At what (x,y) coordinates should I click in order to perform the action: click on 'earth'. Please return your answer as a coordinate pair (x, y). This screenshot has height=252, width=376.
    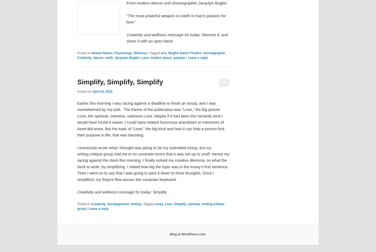
    Looking at the image, I should click on (109, 57).